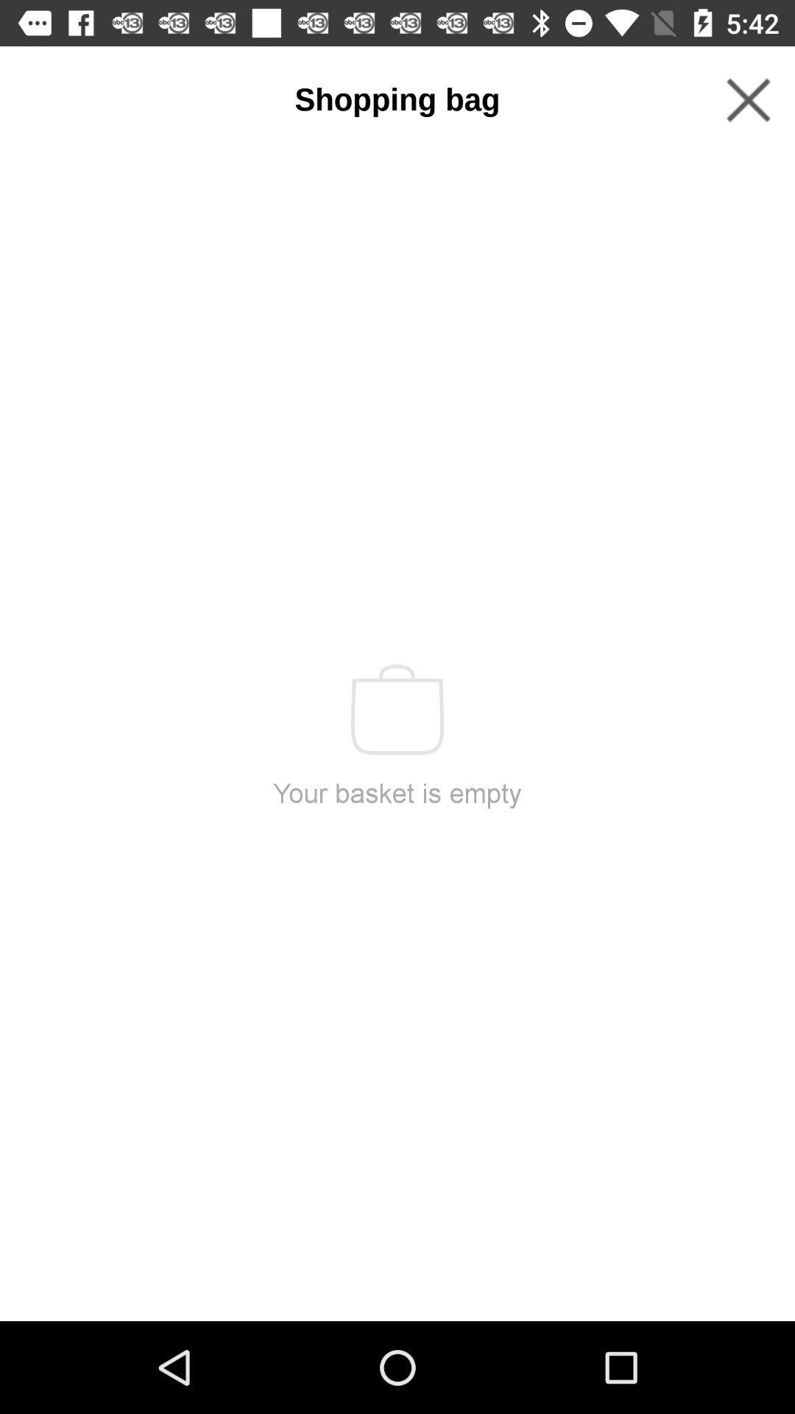 The width and height of the screenshot is (795, 1414). Describe the element at coordinates (749, 99) in the screenshot. I see `the icon to the right of shopping bag` at that location.